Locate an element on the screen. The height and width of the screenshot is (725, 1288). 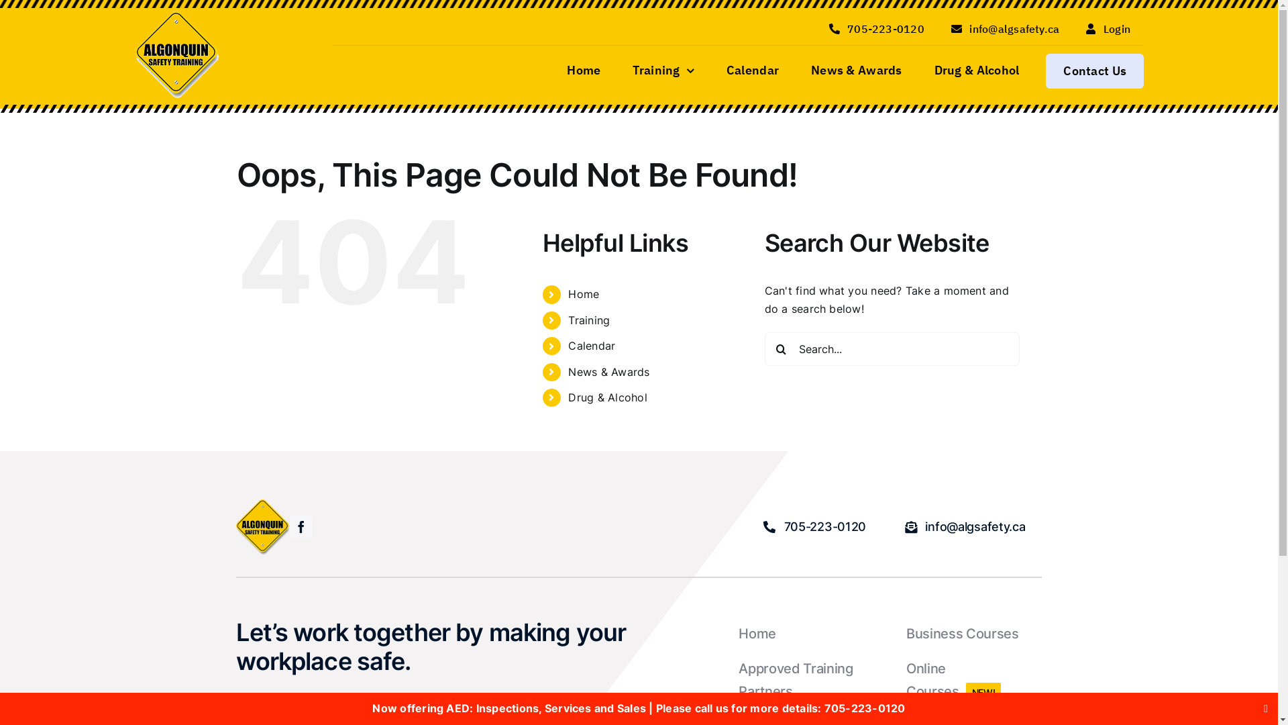
'Online CoursesNEW!' is located at coordinates (973, 681).